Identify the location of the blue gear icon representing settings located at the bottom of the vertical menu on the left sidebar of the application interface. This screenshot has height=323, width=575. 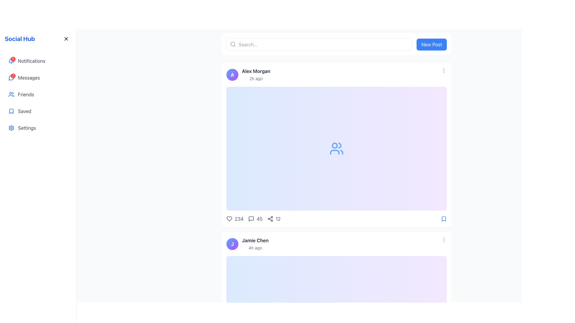
(11, 128).